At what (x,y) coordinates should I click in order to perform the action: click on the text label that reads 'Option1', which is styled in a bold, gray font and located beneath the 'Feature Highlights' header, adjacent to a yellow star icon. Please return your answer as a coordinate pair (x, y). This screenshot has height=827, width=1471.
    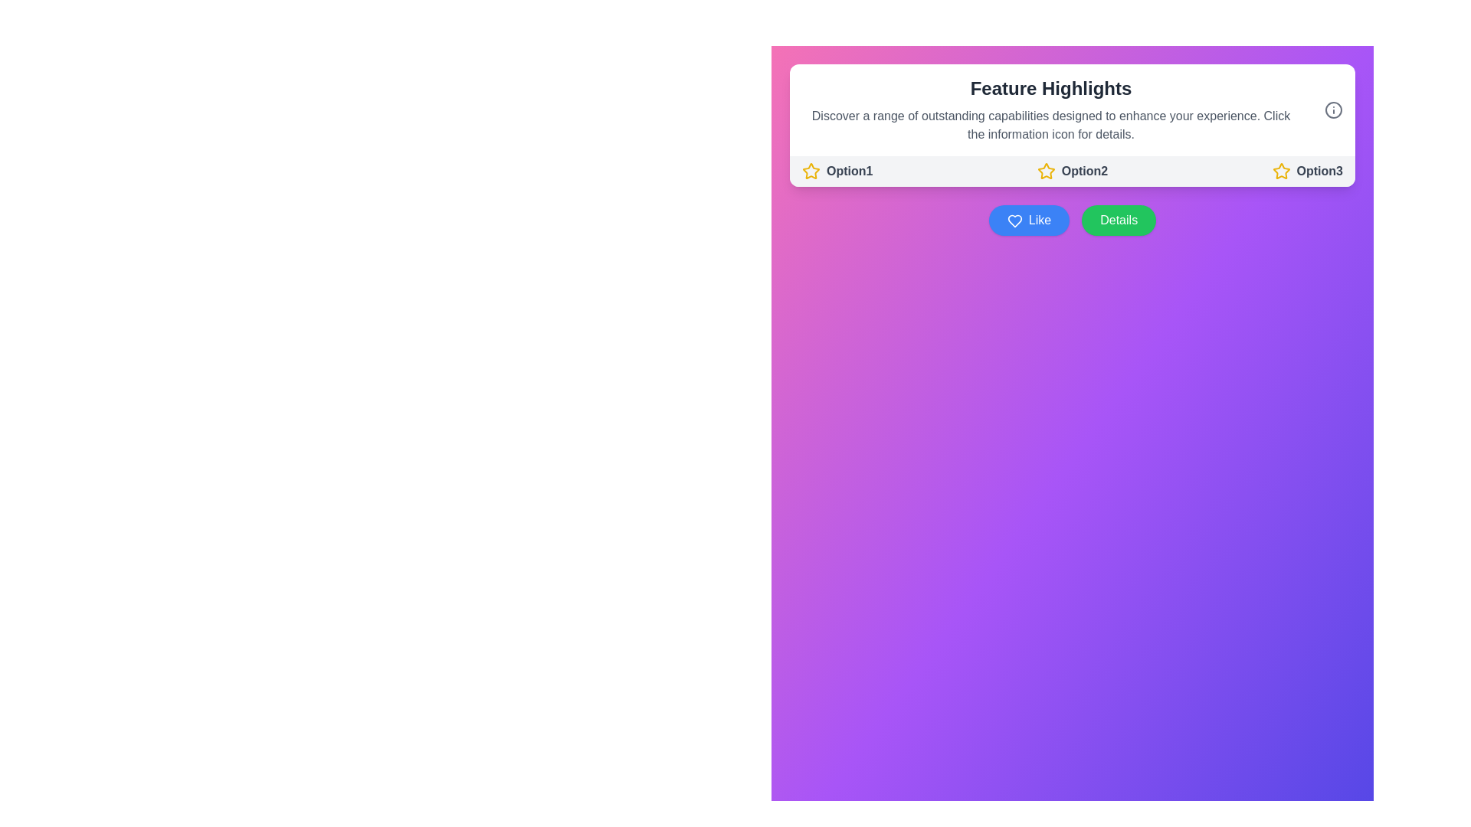
    Looking at the image, I should click on (849, 171).